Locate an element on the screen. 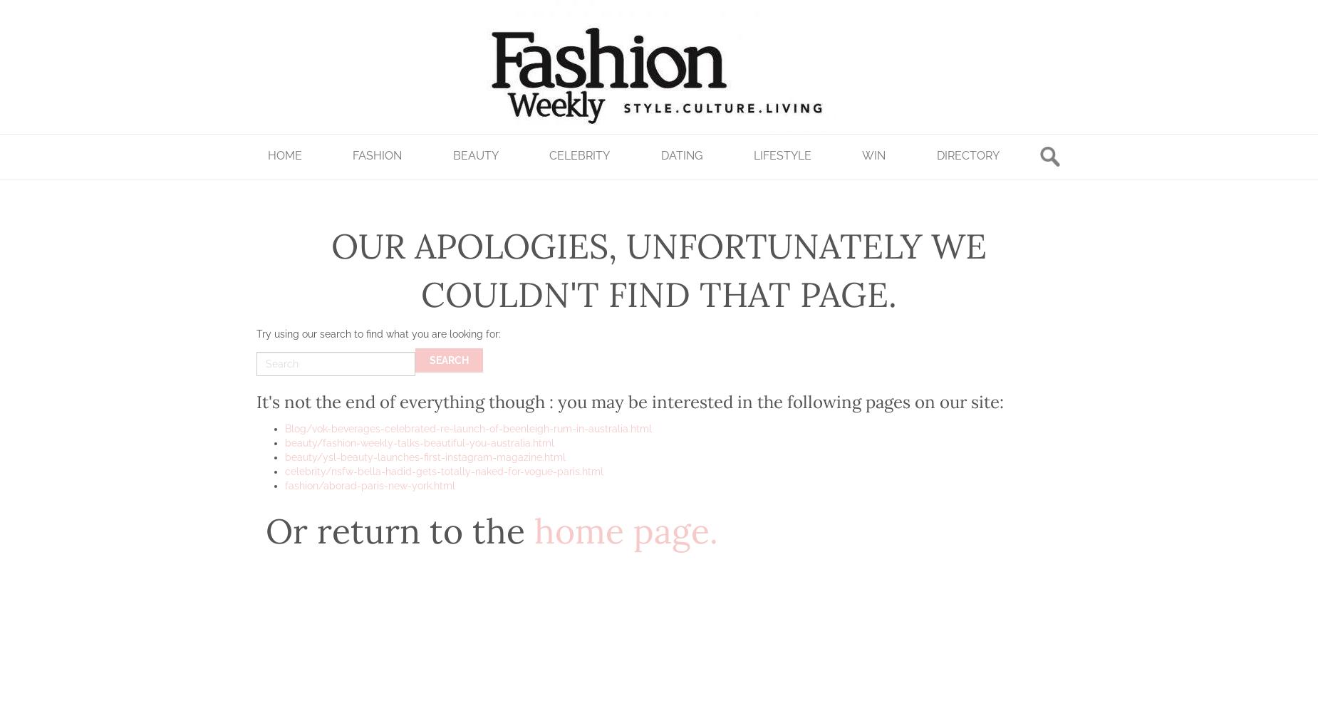 The image size is (1318, 713). 'Lifestyle' is located at coordinates (781, 154).